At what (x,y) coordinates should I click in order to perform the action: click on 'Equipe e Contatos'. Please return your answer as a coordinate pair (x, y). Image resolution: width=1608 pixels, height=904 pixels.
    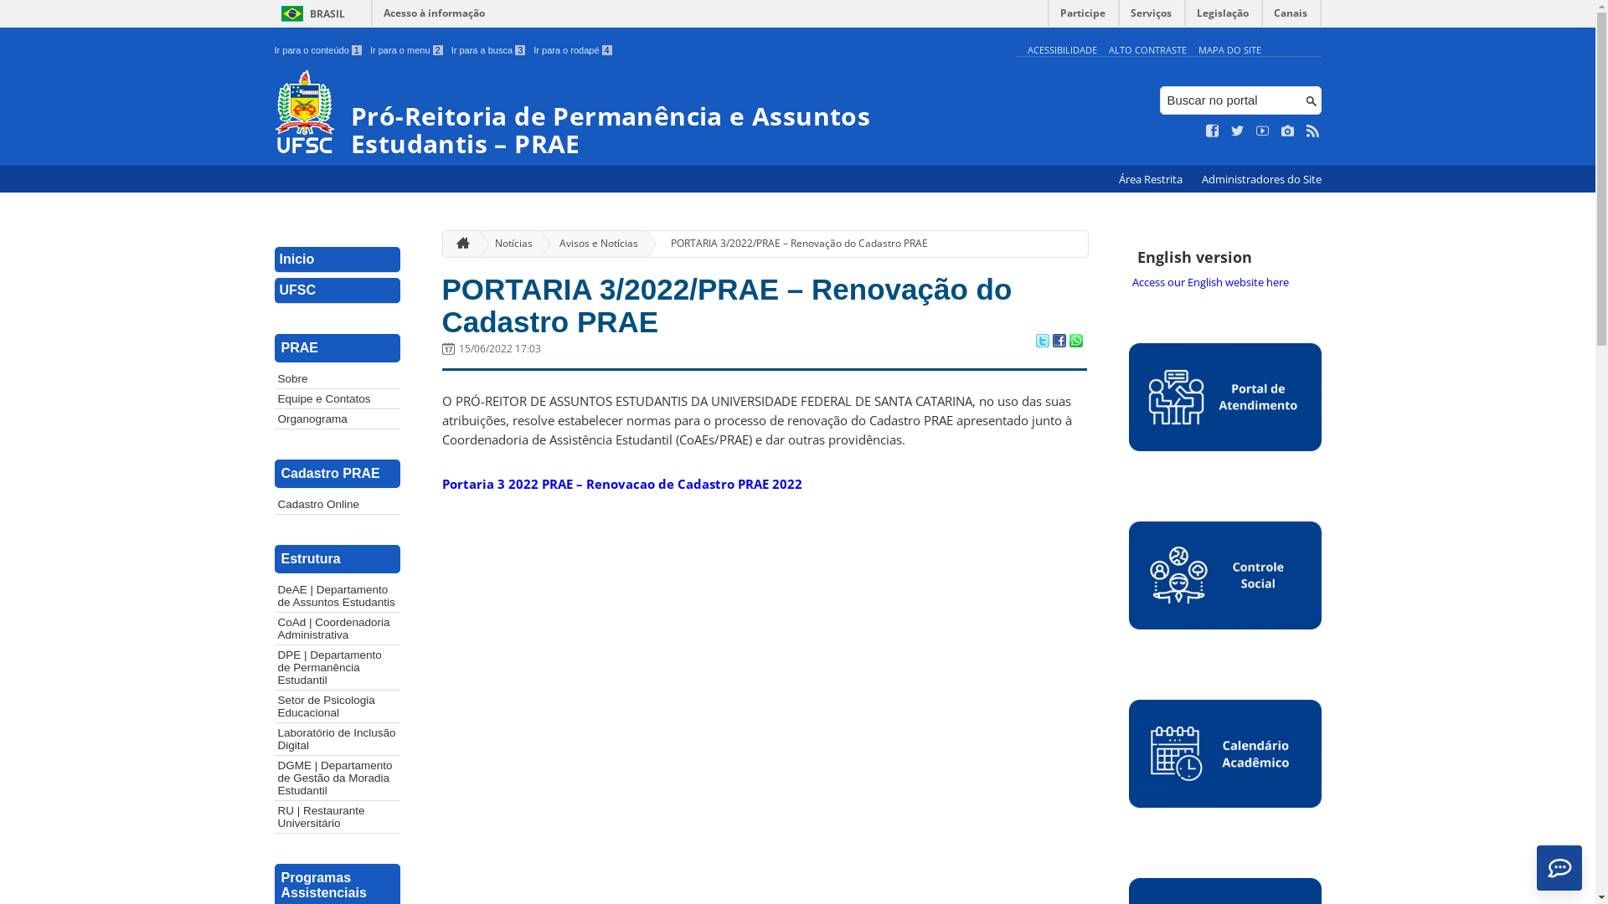
    Looking at the image, I should click on (337, 398).